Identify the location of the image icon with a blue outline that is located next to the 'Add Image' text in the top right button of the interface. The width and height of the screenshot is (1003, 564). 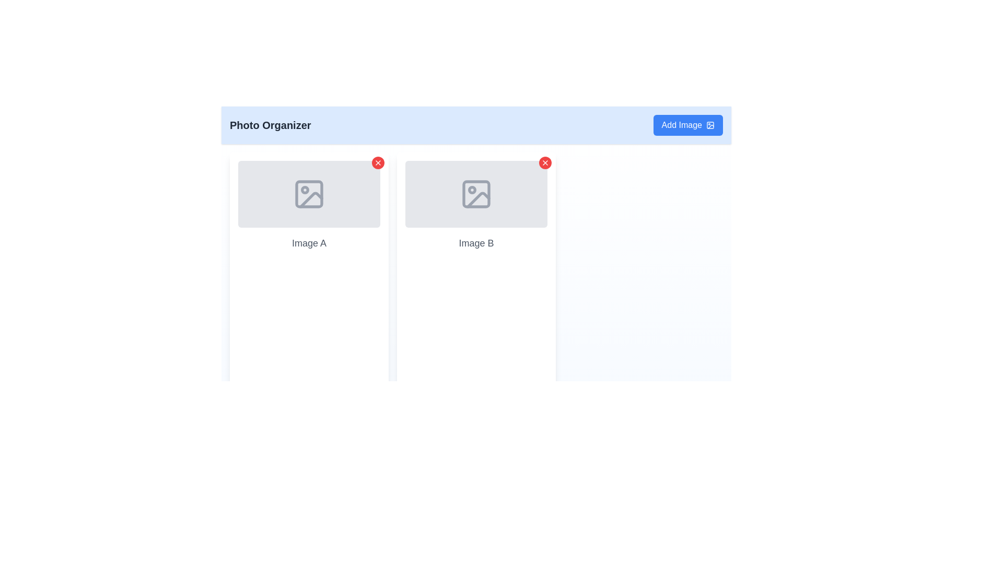
(710, 124).